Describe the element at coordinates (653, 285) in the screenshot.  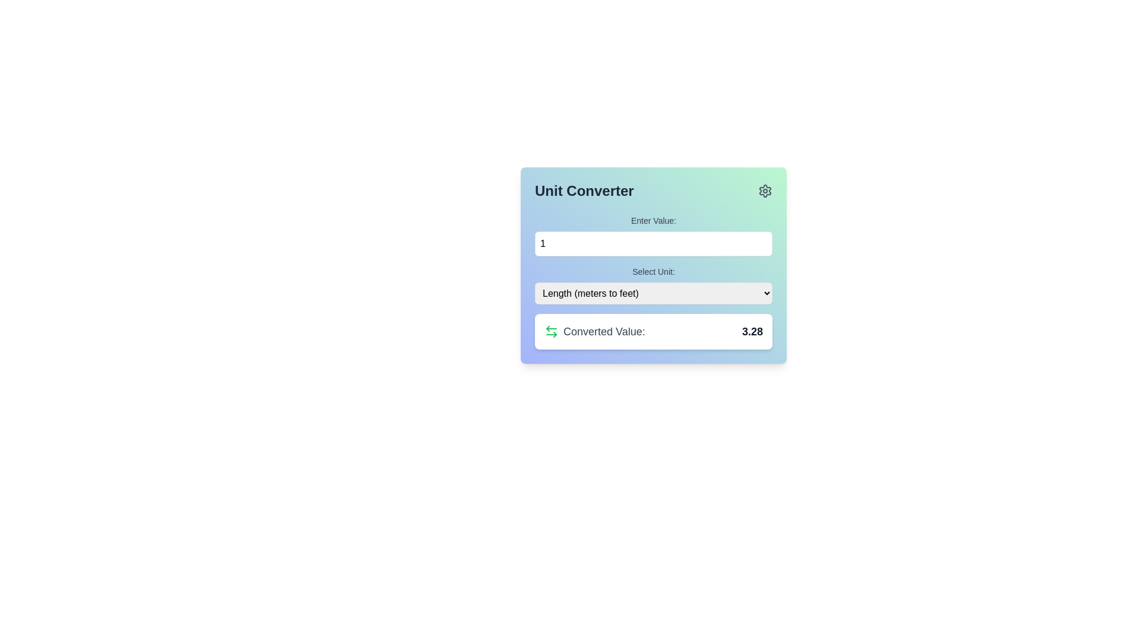
I see `the dropdown menu labeled 'Select Unit:'` at that location.